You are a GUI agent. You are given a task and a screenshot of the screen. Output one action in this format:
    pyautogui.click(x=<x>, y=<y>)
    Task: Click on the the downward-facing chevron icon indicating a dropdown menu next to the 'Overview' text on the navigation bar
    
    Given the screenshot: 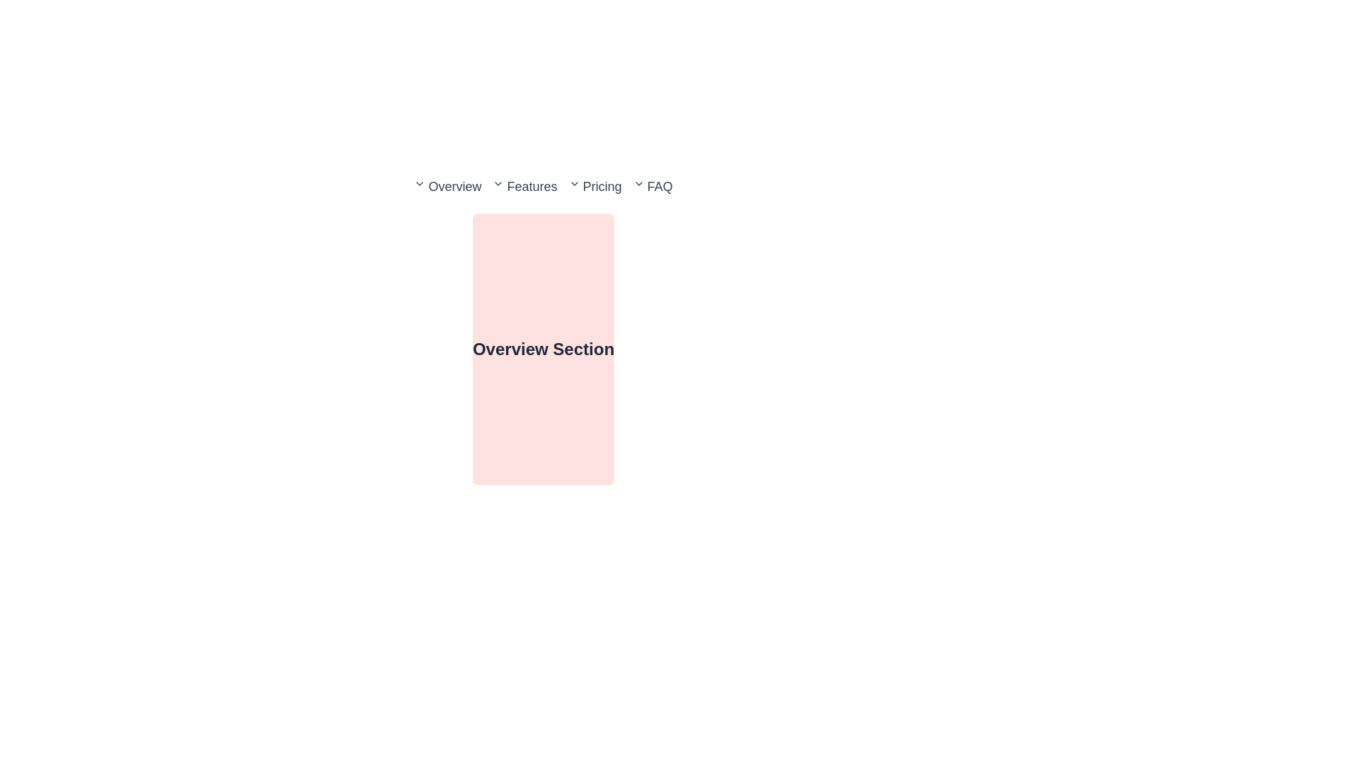 What is the action you would take?
    pyautogui.click(x=419, y=183)
    